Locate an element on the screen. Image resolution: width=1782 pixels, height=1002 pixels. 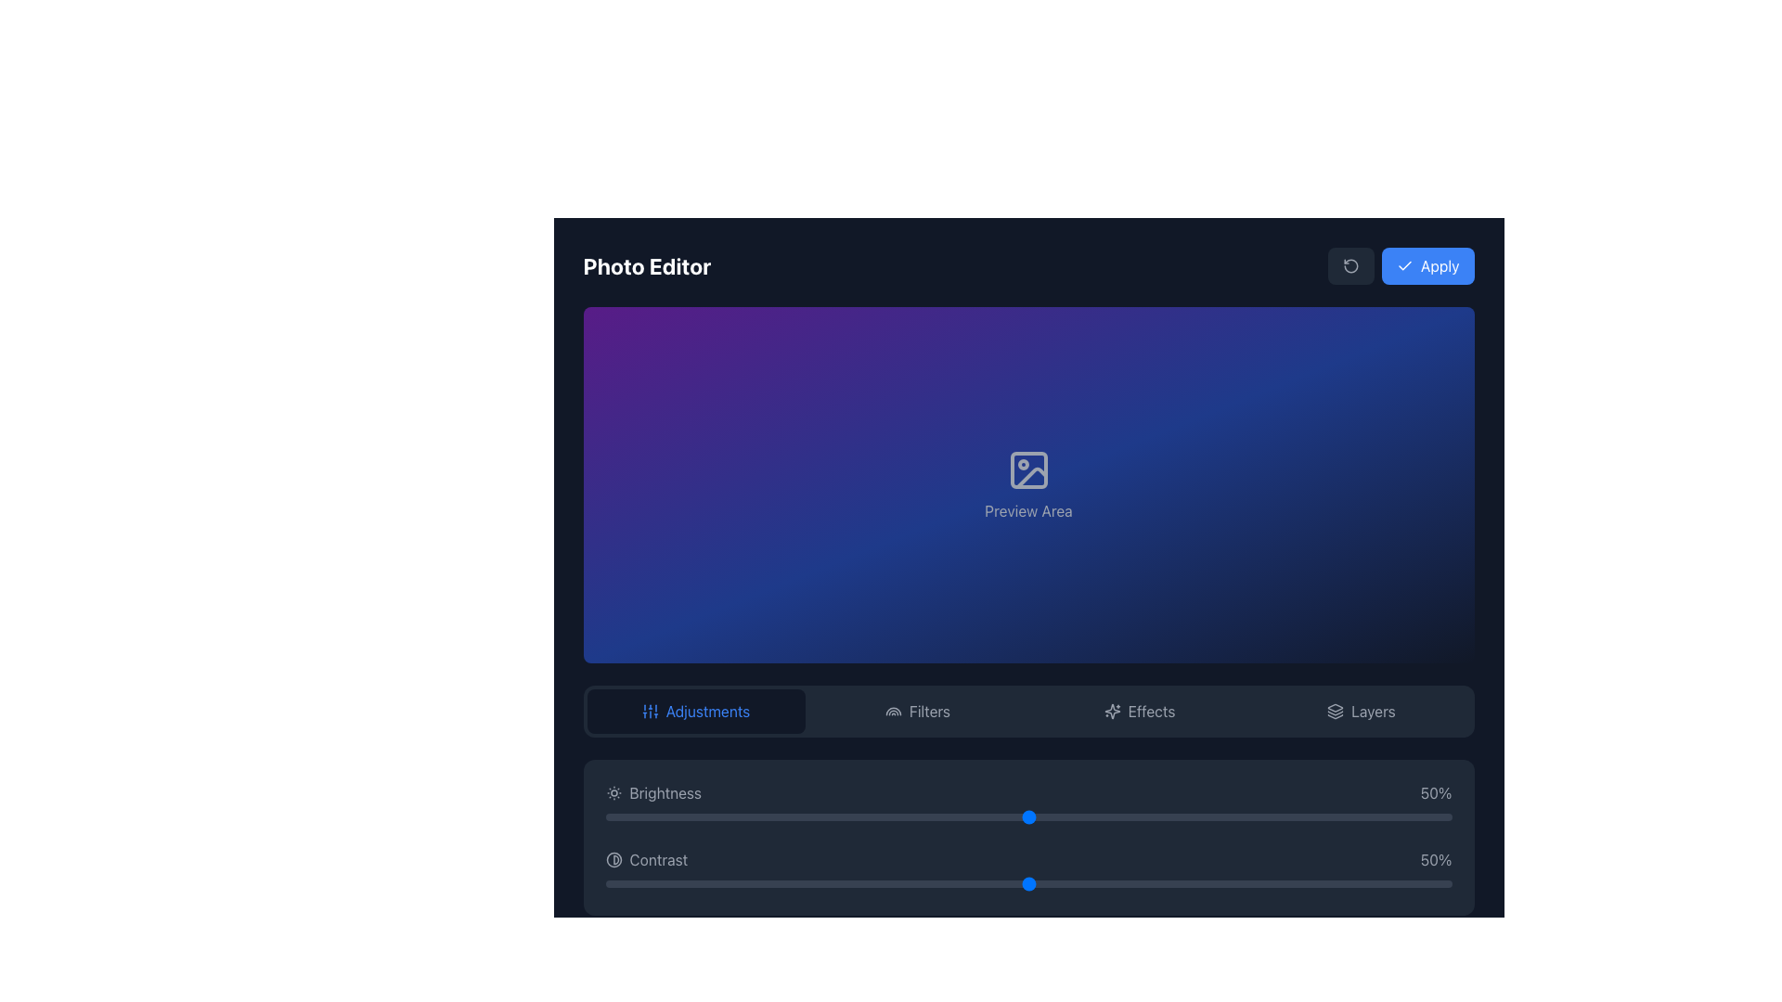
the minimalistic vertical sliders icon, which consists of three vertical bars with horizontal lines is located at coordinates (650, 711).